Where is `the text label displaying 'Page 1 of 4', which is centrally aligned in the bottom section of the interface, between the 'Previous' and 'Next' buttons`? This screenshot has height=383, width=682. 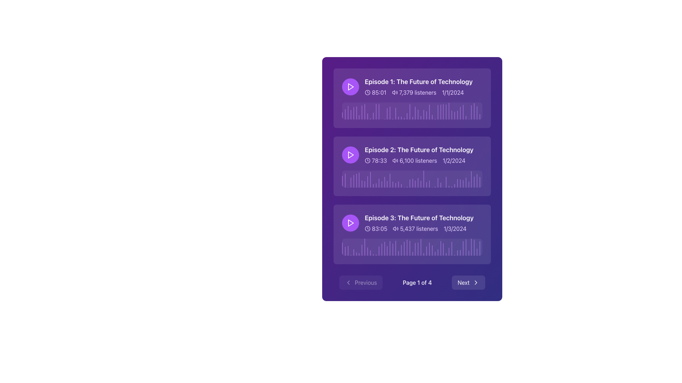 the text label displaying 'Page 1 of 4', which is centrally aligned in the bottom section of the interface, between the 'Previous' and 'Next' buttons is located at coordinates (417, 282).